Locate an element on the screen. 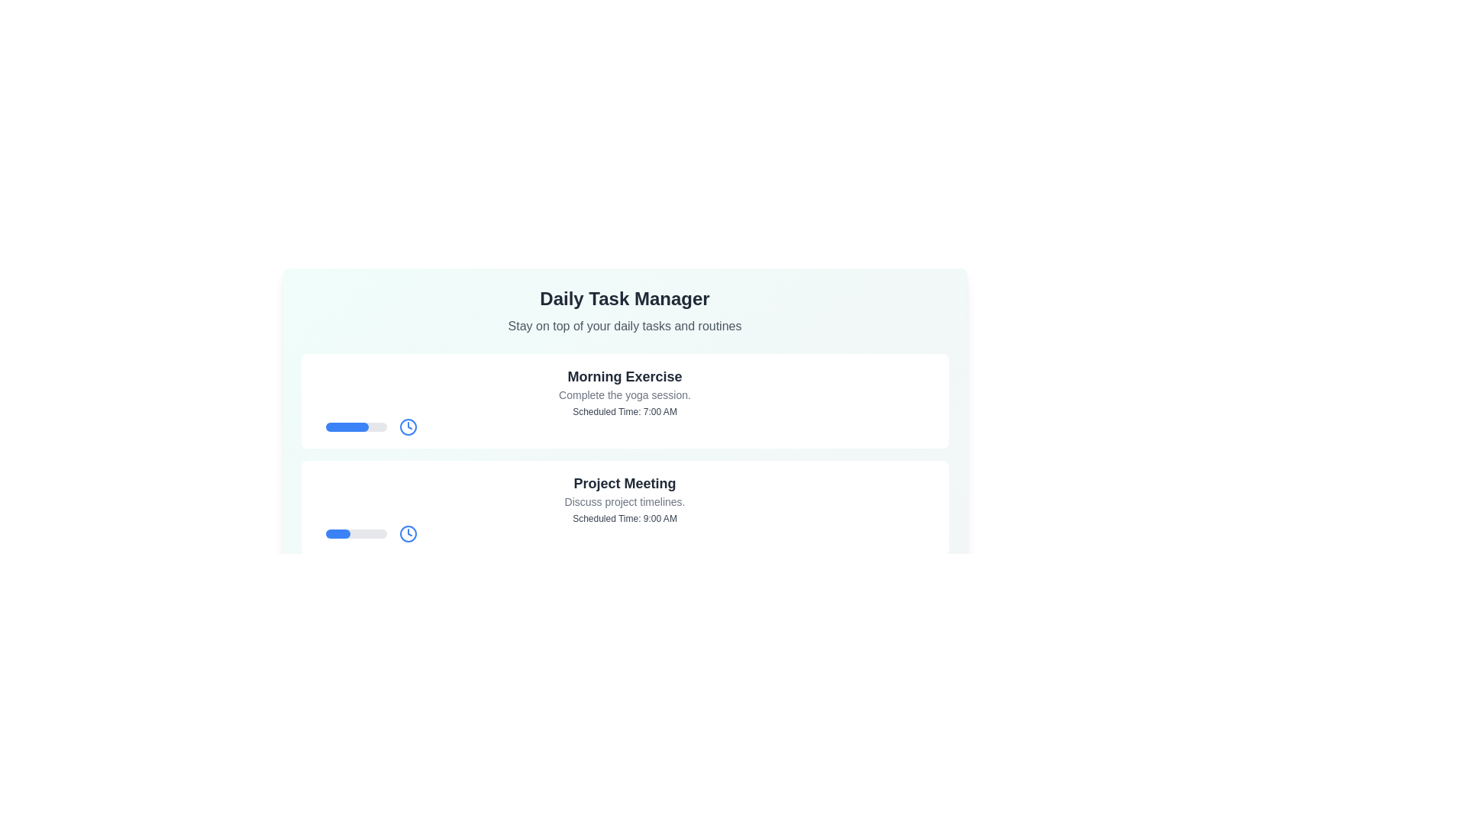 This screenshot has height=824, width=1466. information displayed in the text component for the task entry located below 'Daily Task Manager', specifically the second entry after 'Morning Exercise' is located at coordinates (625, 499).